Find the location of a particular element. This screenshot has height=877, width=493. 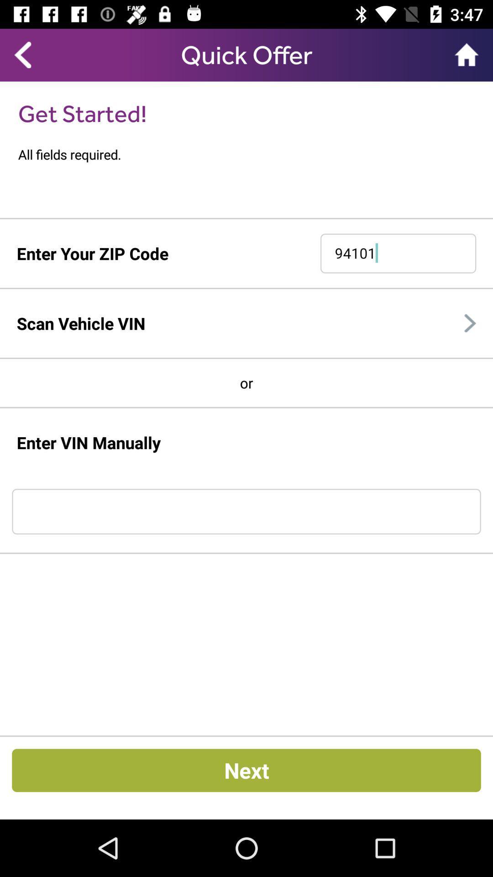

94101 item is located at coordinates (398, 254).